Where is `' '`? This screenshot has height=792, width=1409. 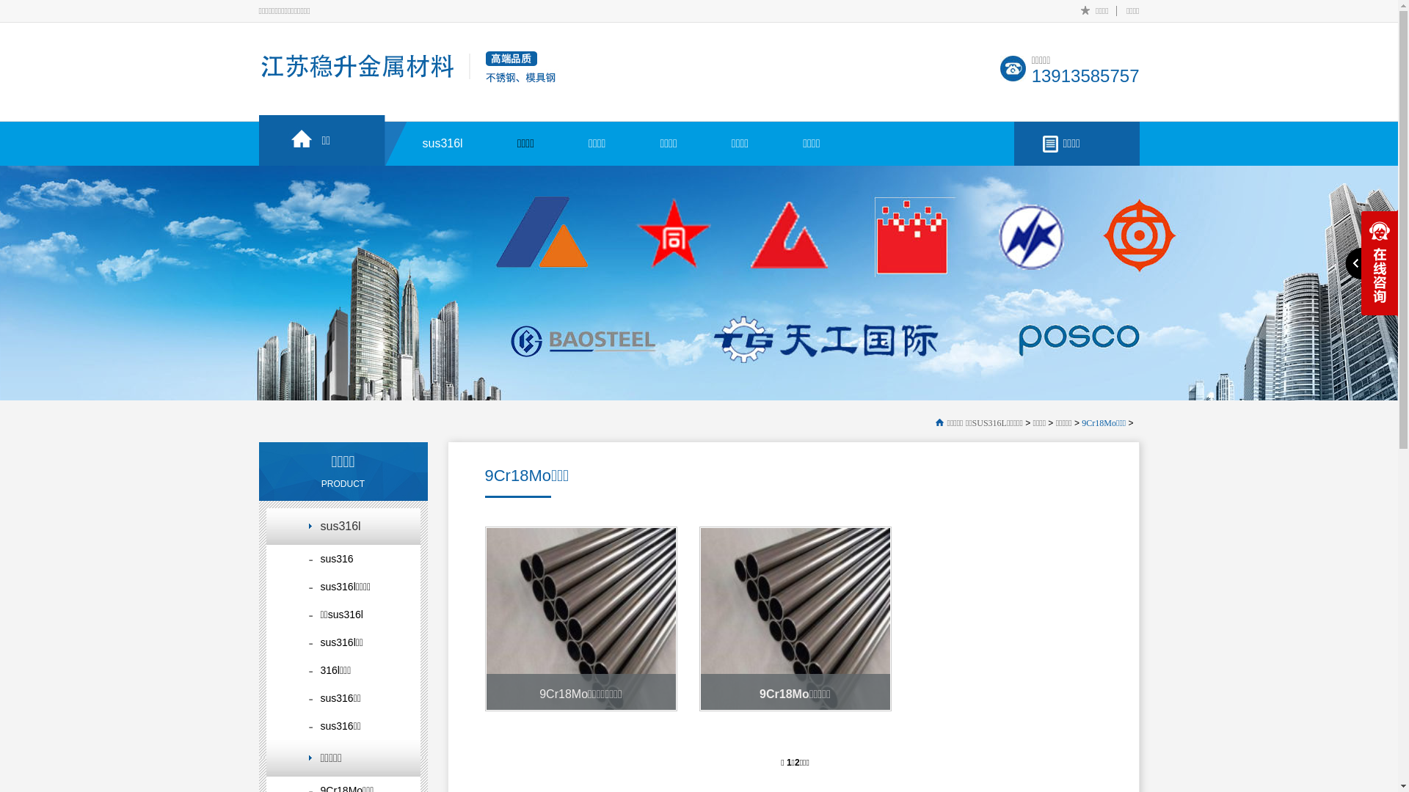
' ' is located at coordinates (1370, 262).